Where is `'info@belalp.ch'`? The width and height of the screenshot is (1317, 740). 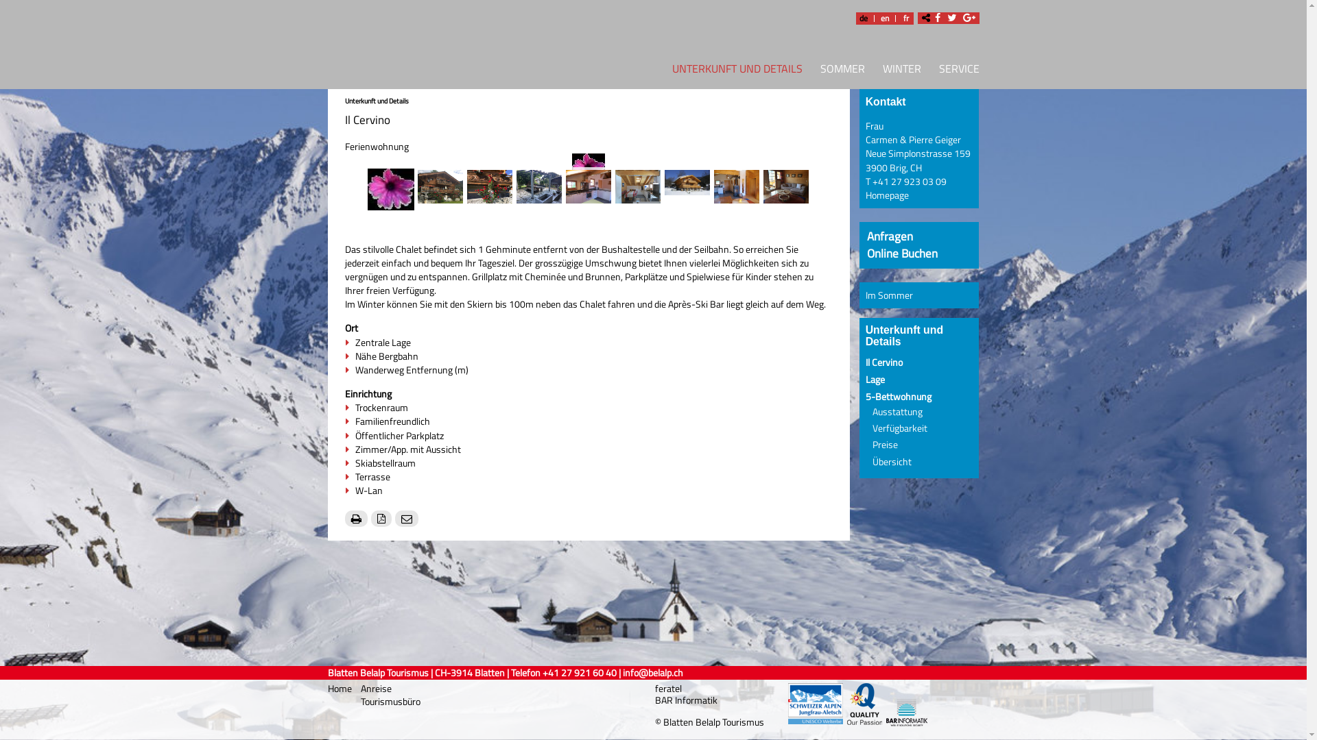 'info@belalp.ch' is located at coordinates (652, 672).